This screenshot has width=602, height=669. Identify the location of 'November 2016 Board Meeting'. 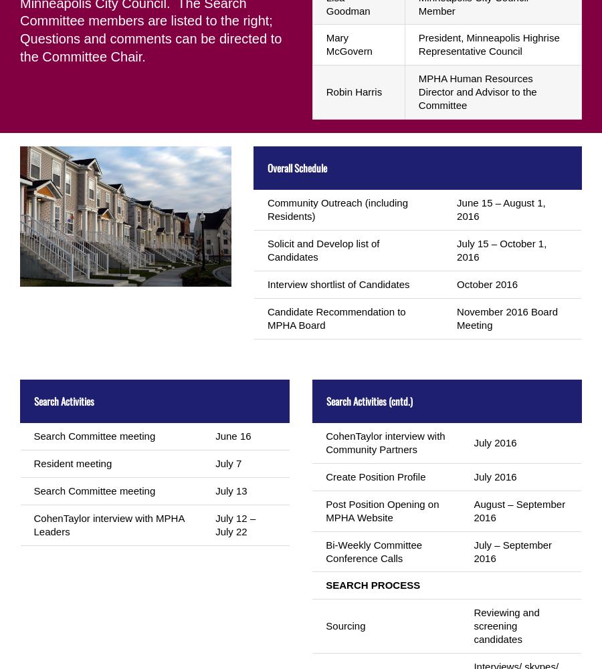
(506, 317).